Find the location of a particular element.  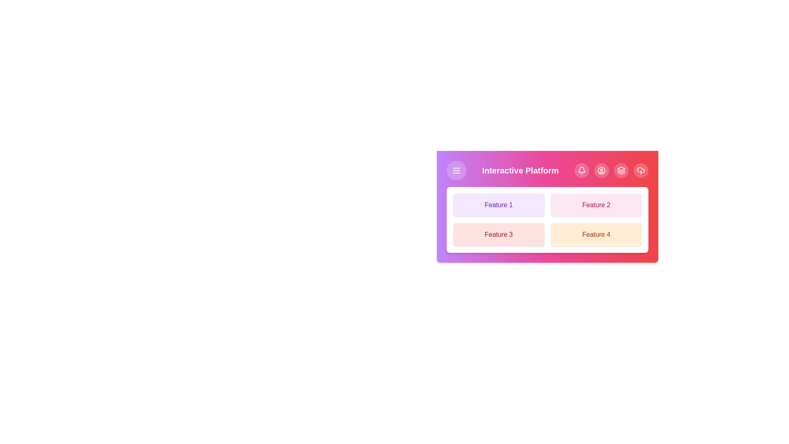

the feature button corresponding to Feature 3 is located at coordinates (498, 234).